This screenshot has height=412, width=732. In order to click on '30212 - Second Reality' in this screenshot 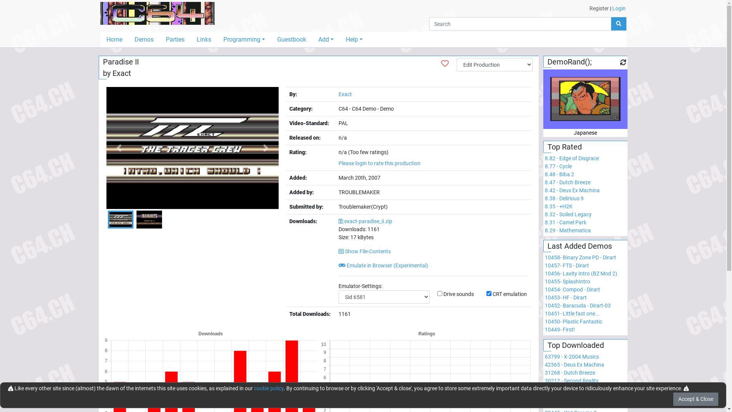, I will do `click(571, 381)`.